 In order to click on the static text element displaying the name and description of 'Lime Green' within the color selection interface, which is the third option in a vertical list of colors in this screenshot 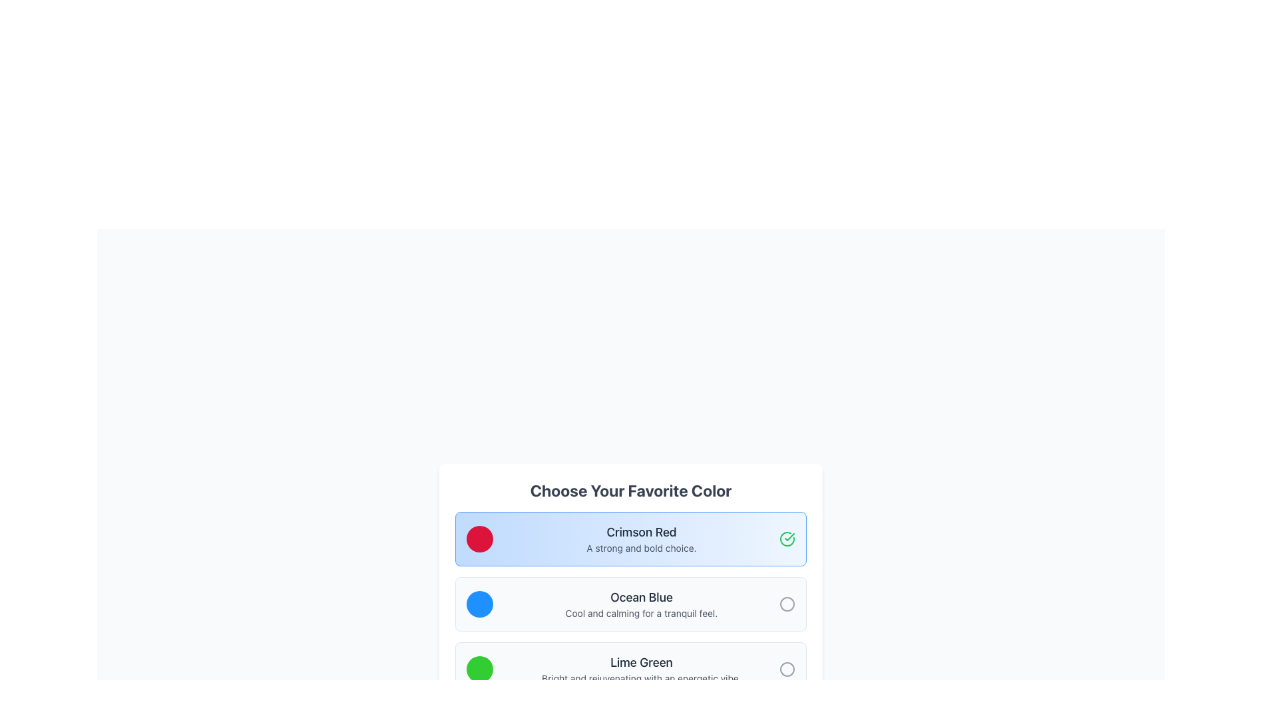, I will do `click(642, 669)`.